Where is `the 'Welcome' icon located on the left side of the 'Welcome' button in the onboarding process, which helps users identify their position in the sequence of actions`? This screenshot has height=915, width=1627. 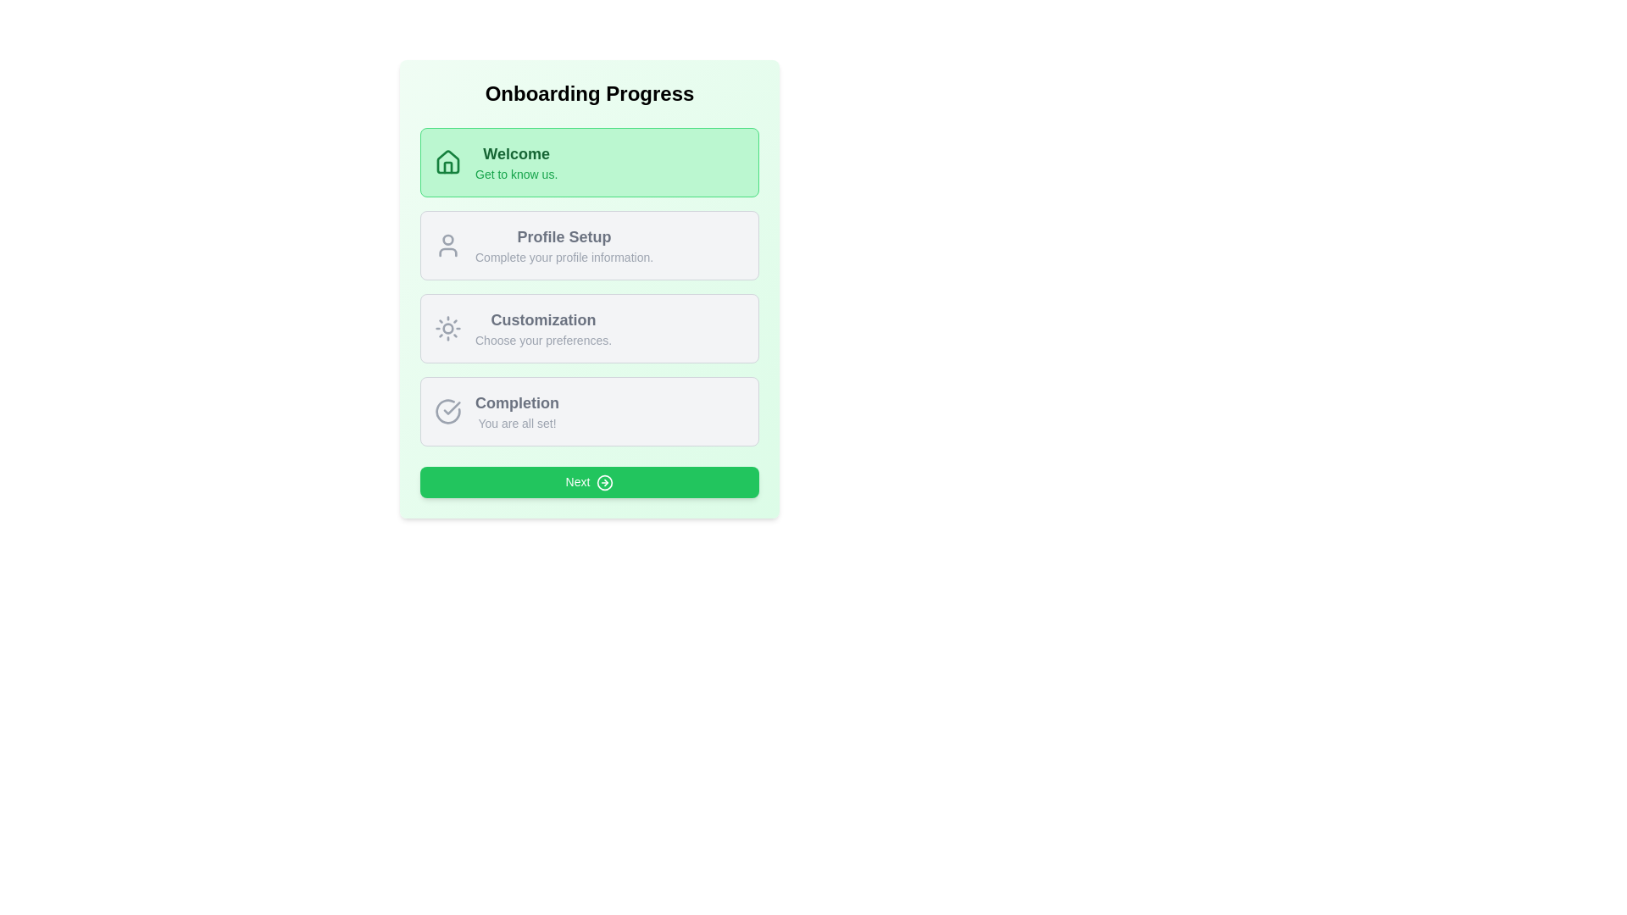
the 'Welcome' icon located on the left side of the 'Welcome' button in the onboarding process, which helps users identify their position in the sequence of actions is located at coordinates (447, 167).